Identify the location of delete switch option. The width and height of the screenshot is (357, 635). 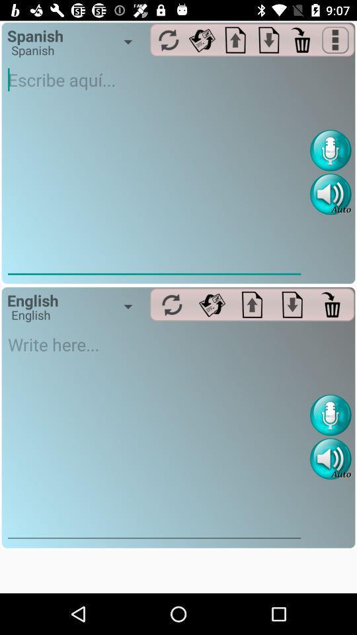
(332, 304).